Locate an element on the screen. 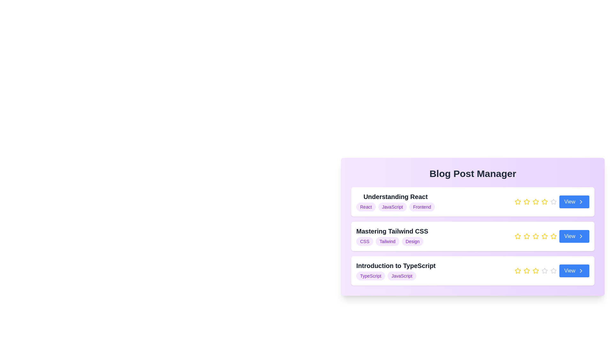 This screenshot has height=345, width=613. the fourth star icon in the rating system is located at coordinates (535, 202).